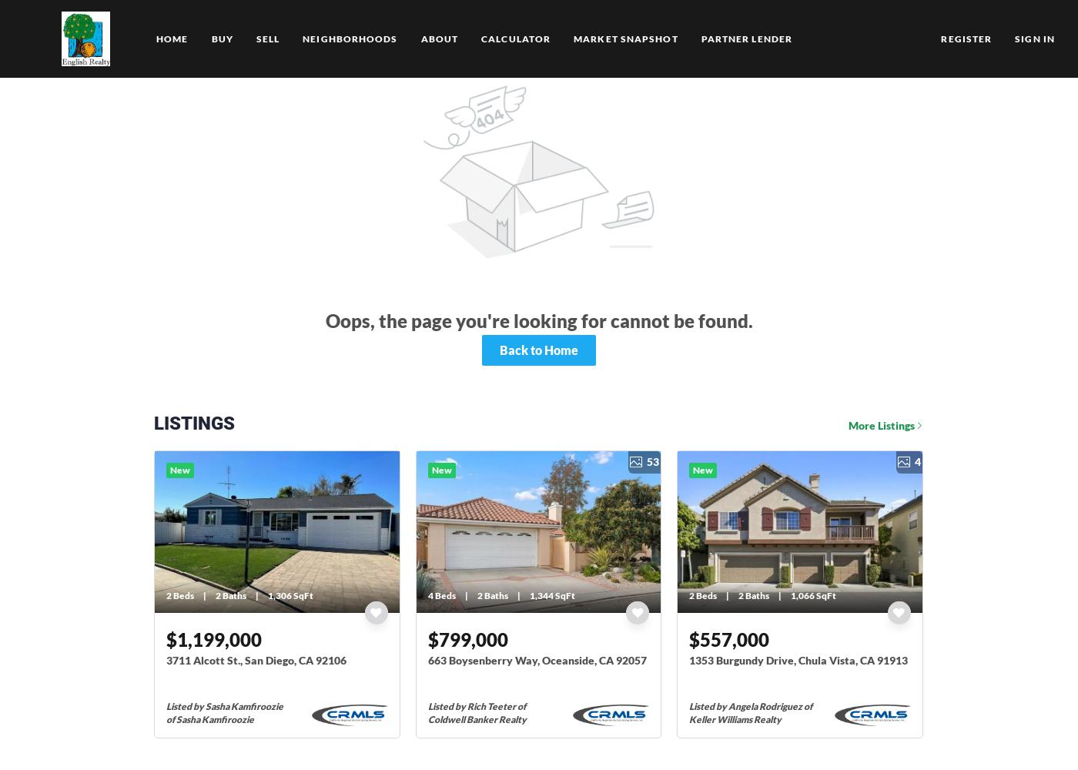 The image size is (1078, 770). Describe the element at coordinates (226, 712) in the screenshot. I see `'Listed by Sasha Kamfiroozie of Sasha Kamfiroozie'` at that location.